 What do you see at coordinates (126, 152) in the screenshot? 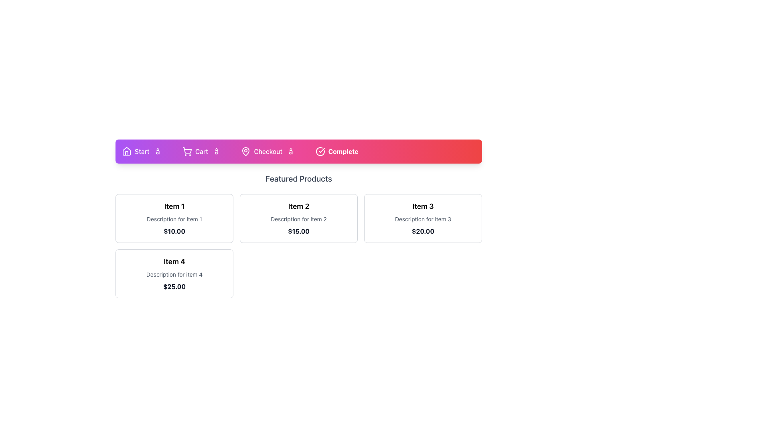
I see `the house icon within the purple 'Start' button on the top navigation bar` at bounding box center [126, 152].